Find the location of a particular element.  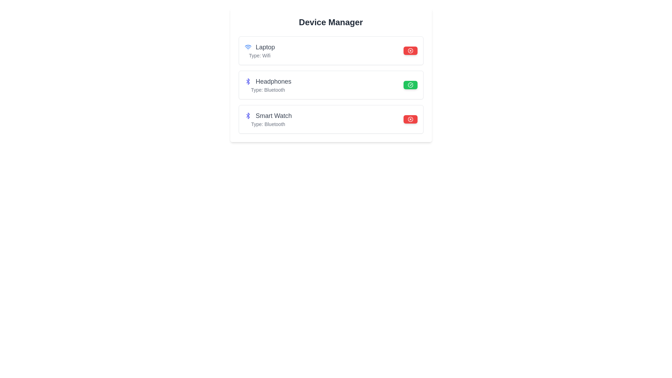

the 'Headphones' text label with the Bluetooth icon in the 'Device Manager' section, which is the second device listed is located at coordinates (267, 81).